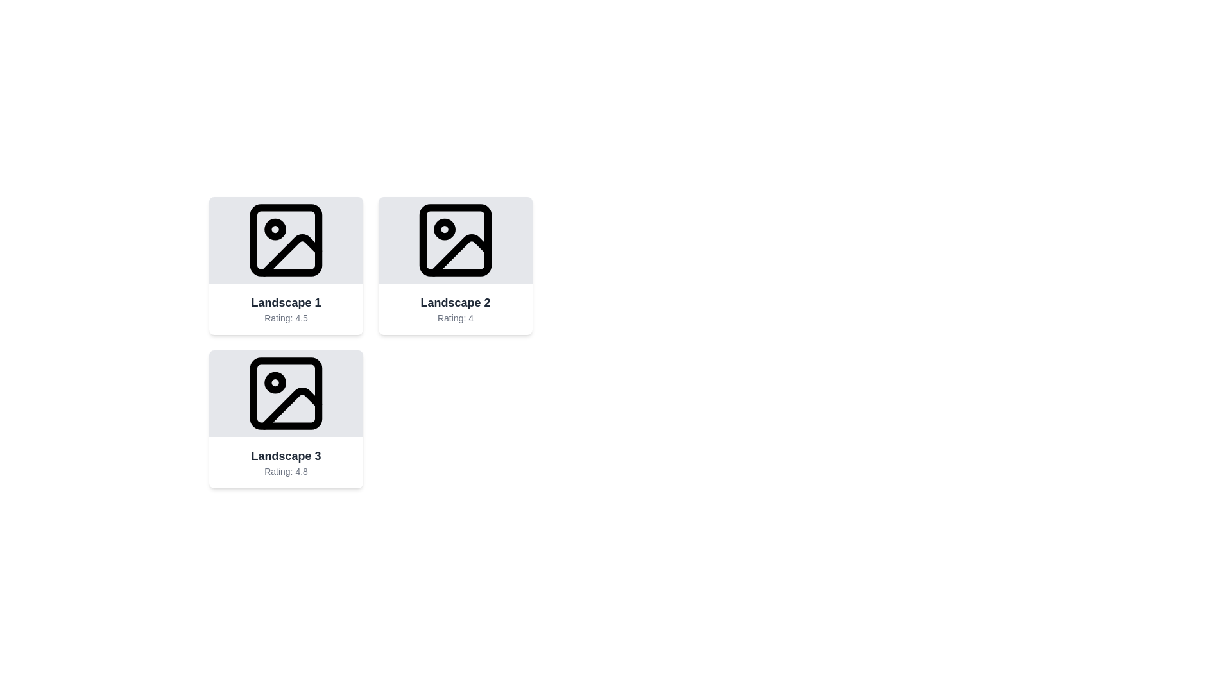 The height and width of the screenshot is (693, 1232). Describe the element at coordinates (286, 302) in the screenshot. I see `the text label displaying the name or title of the associated image or content in the first card of the grid layout to focus it` at that location.